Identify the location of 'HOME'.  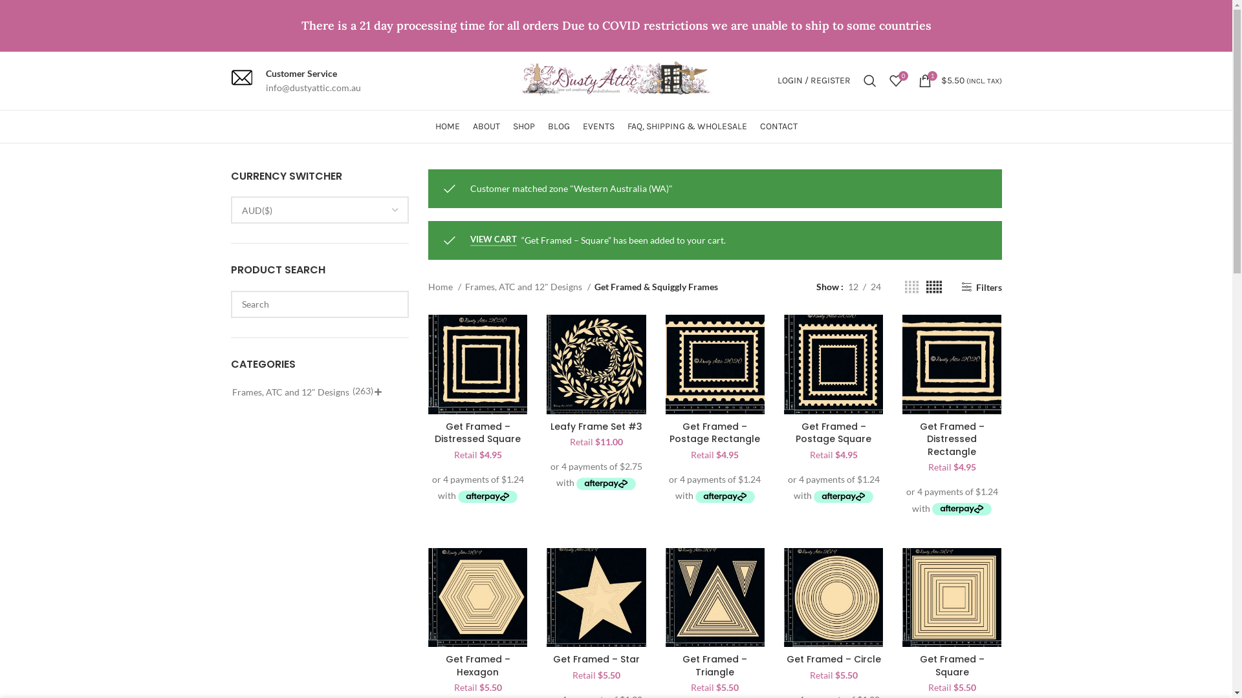
(447, 127).